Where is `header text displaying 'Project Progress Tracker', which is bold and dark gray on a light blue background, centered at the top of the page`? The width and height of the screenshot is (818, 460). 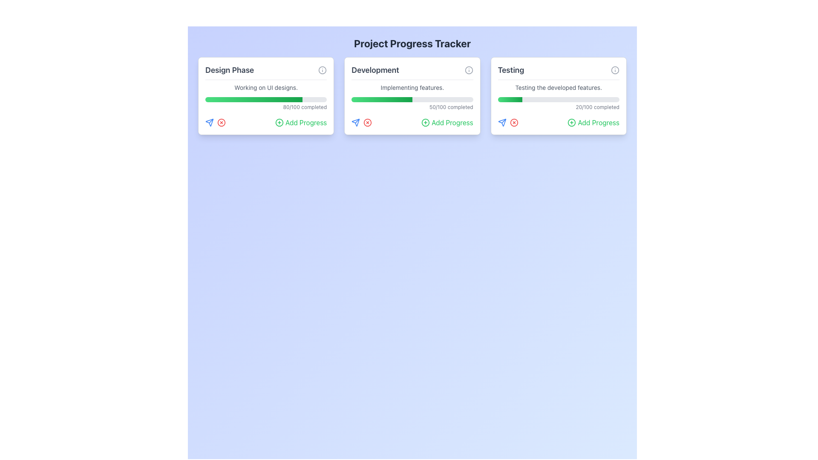
header text displaying 'Project Progress Tracker', which is bold and dark gray on a light blue background, centered at the top of the page is located at coordinates (412, 43).